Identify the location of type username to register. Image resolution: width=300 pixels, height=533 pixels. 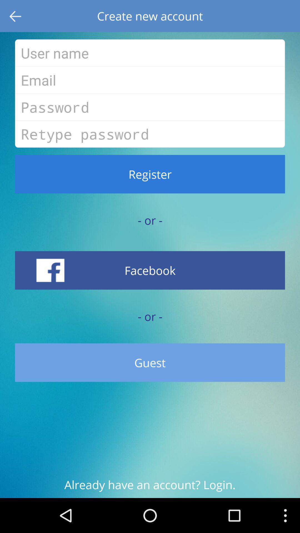
(150, 53).